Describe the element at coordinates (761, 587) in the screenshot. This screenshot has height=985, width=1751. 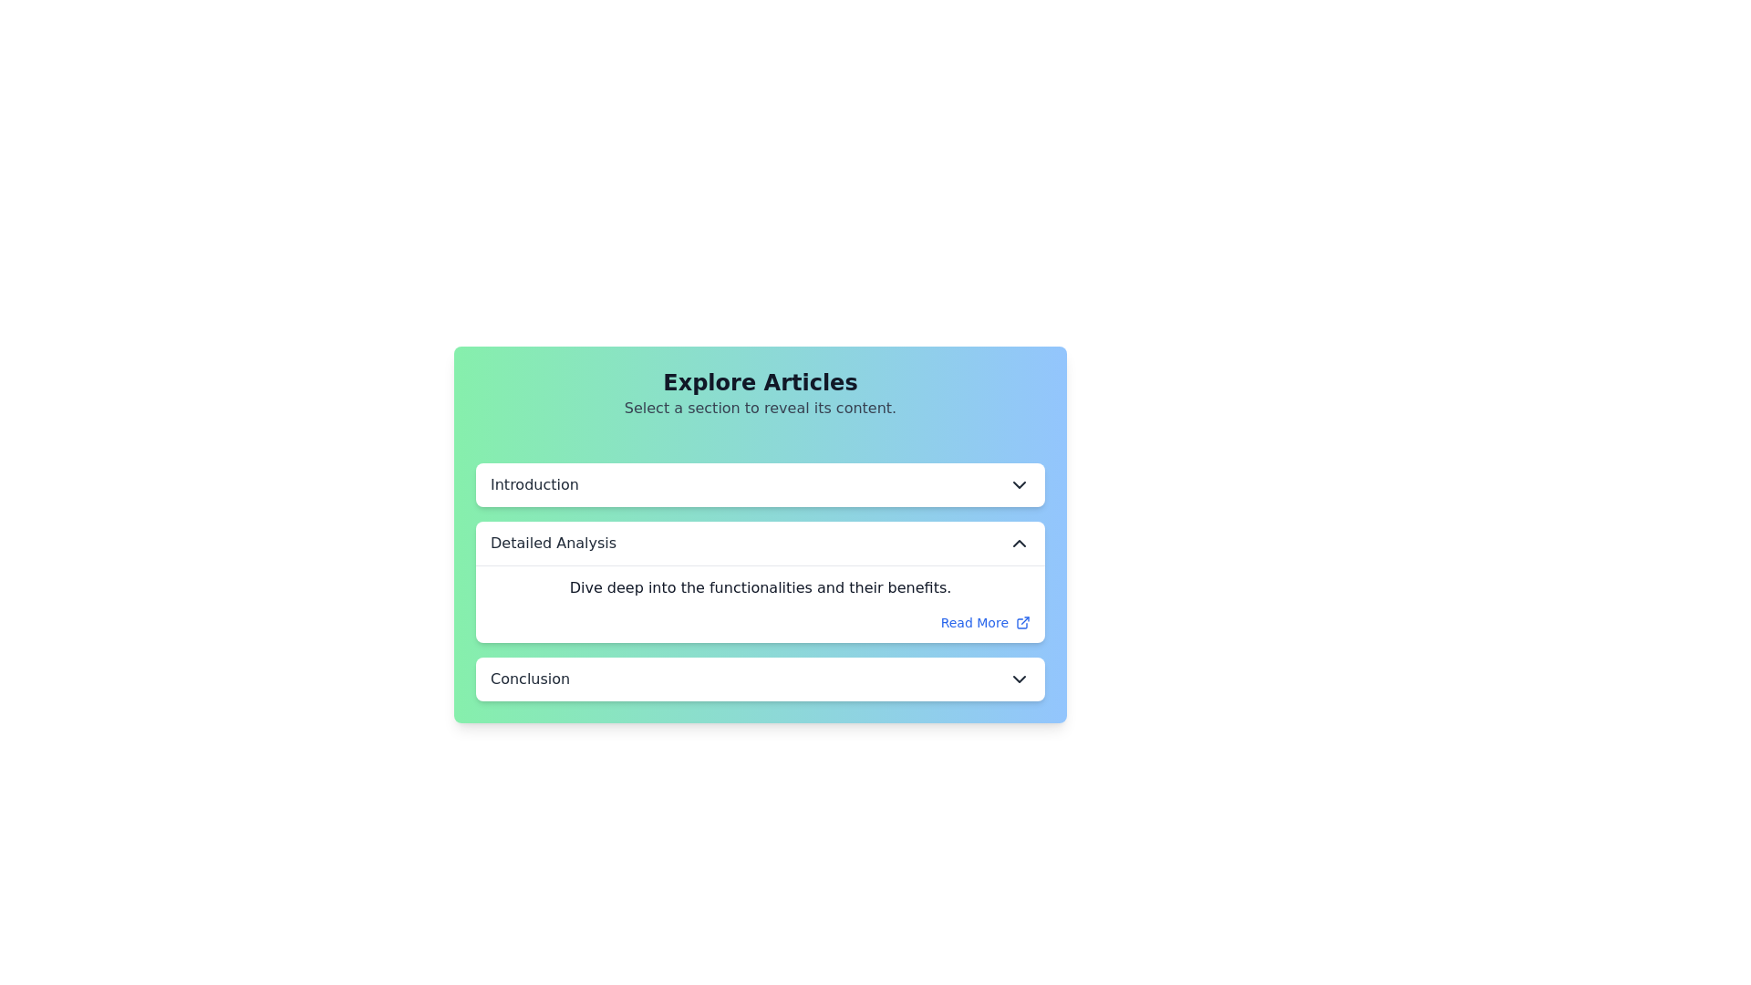
I see `the label displaying the text 'Dive deep into the functionalities and their benefits.' which is located in the 'Detailed Analysis' section near the top-center of the interface` at that location.